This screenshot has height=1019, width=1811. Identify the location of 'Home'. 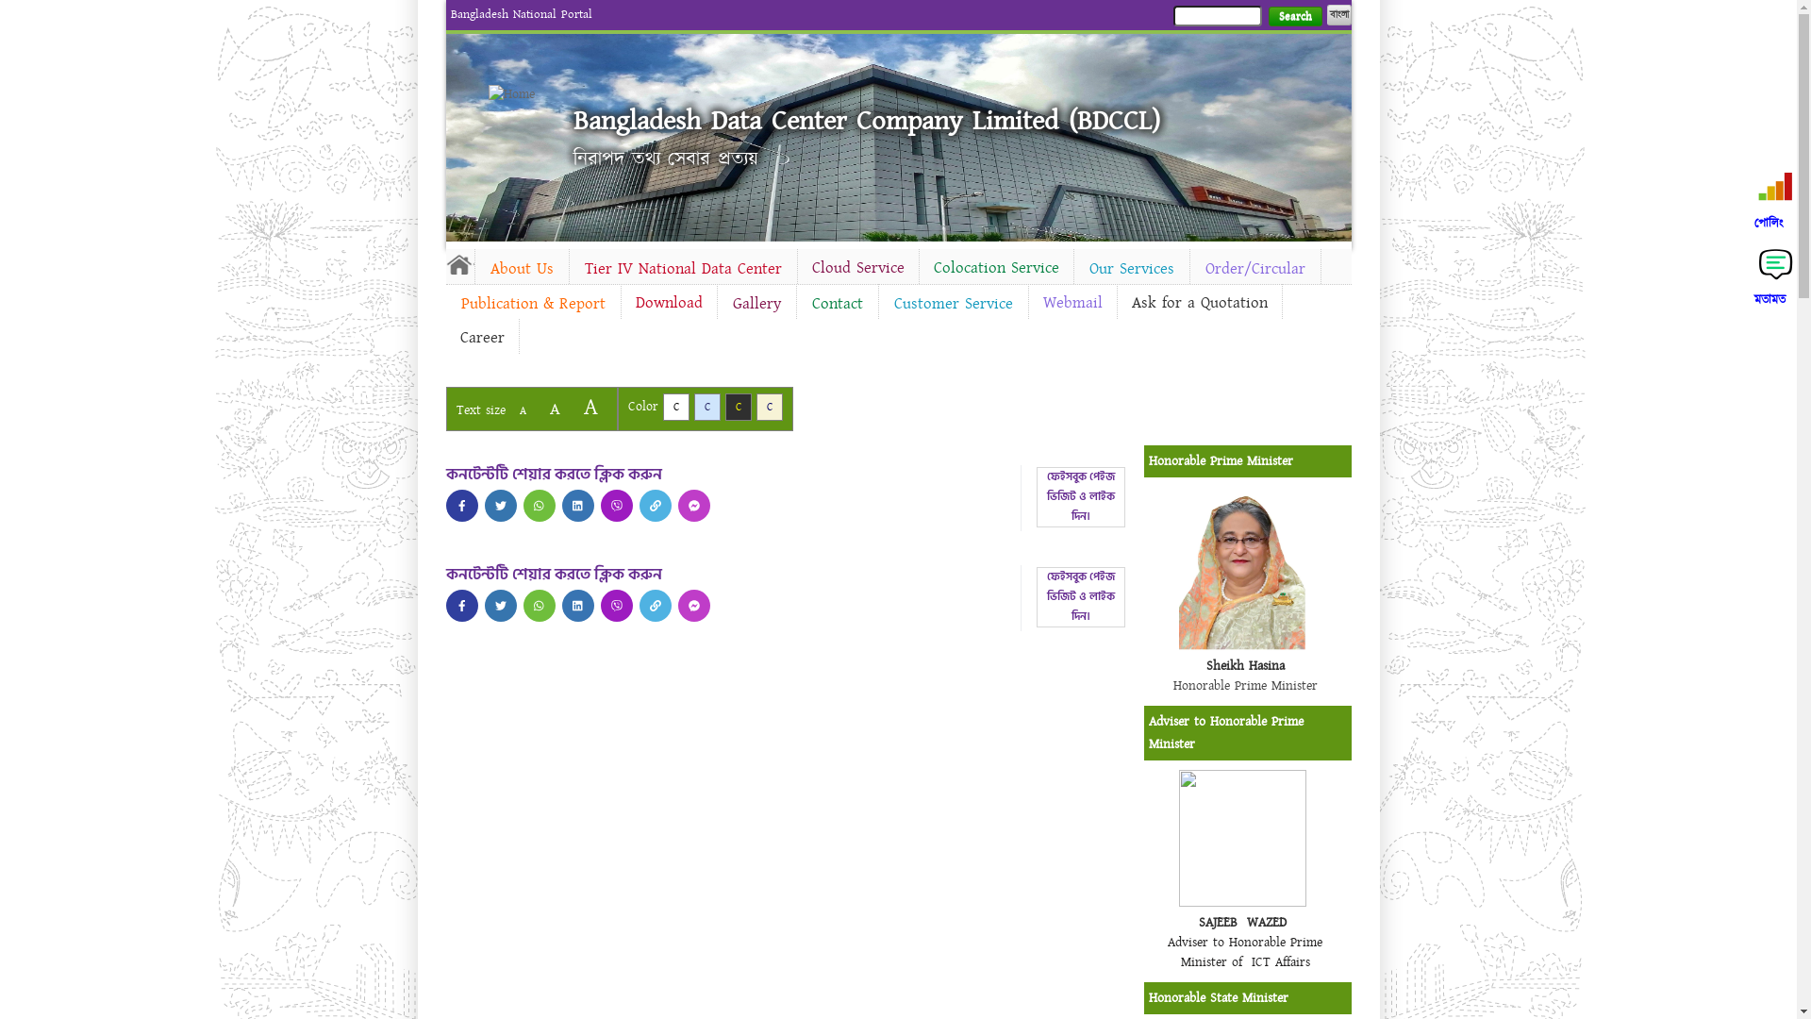
(489, 94).